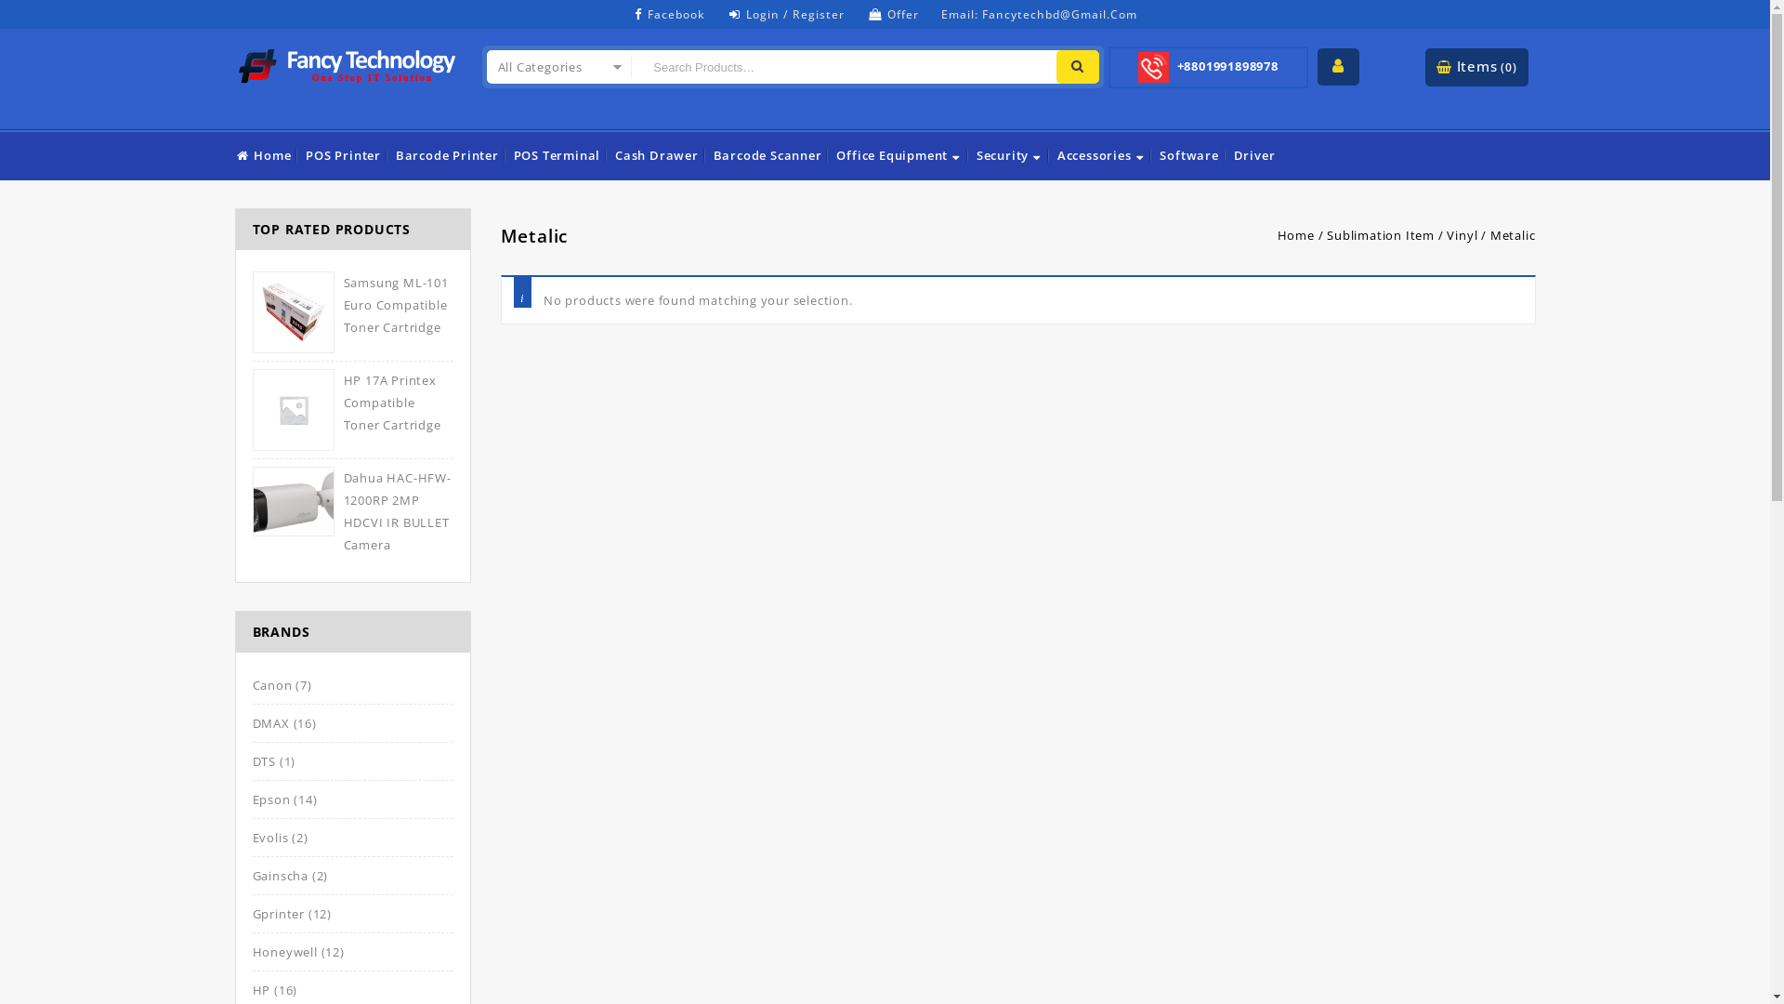 The height and width of the screenshot is (1004, 1784). I want to click on 'Search', so click(1078, 66).